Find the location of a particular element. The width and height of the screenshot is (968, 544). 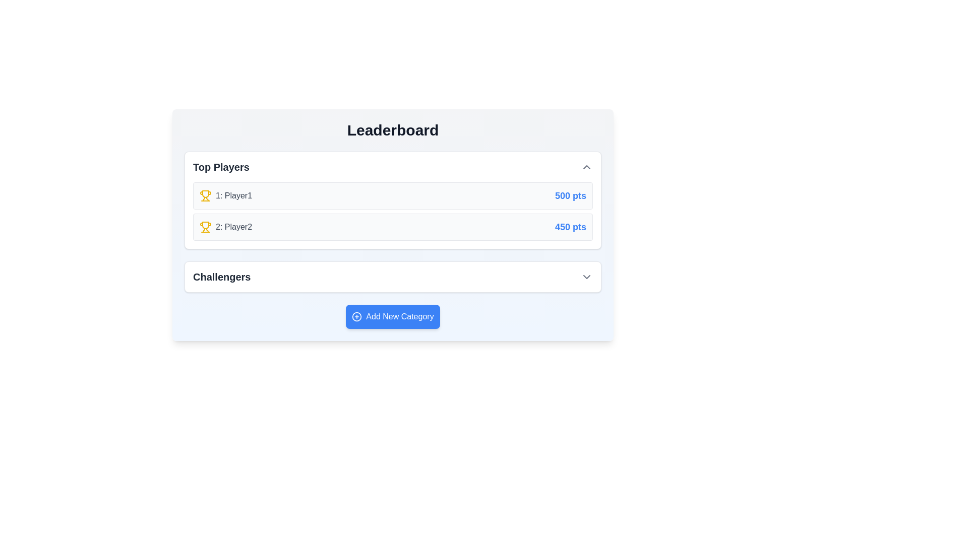

the leaderboard entry displaying the second-highest-ranked player, which shows the player's rank, name, and score, located in the 'Top Players' section is located at coordinates (392, 227).